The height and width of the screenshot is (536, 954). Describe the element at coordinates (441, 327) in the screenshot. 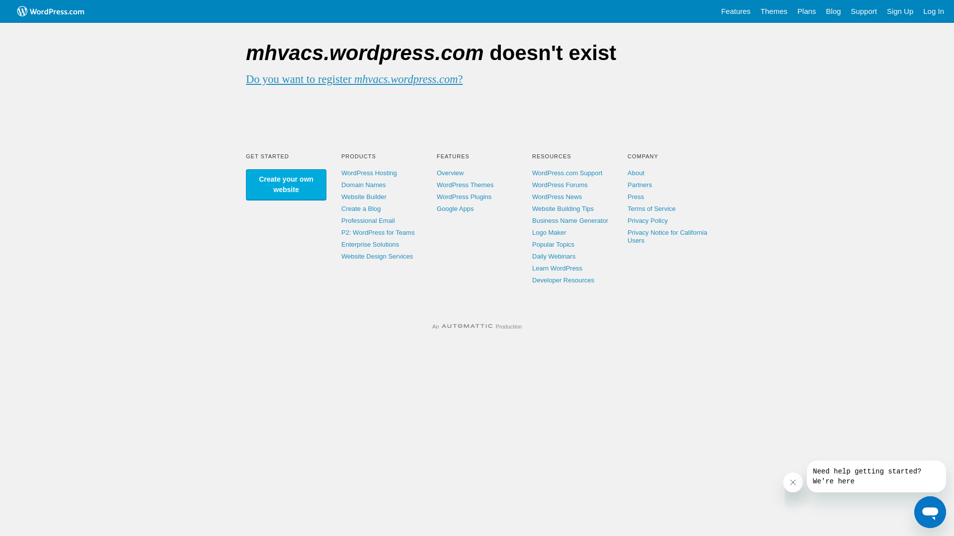

I see `'Automattic'` at that location.